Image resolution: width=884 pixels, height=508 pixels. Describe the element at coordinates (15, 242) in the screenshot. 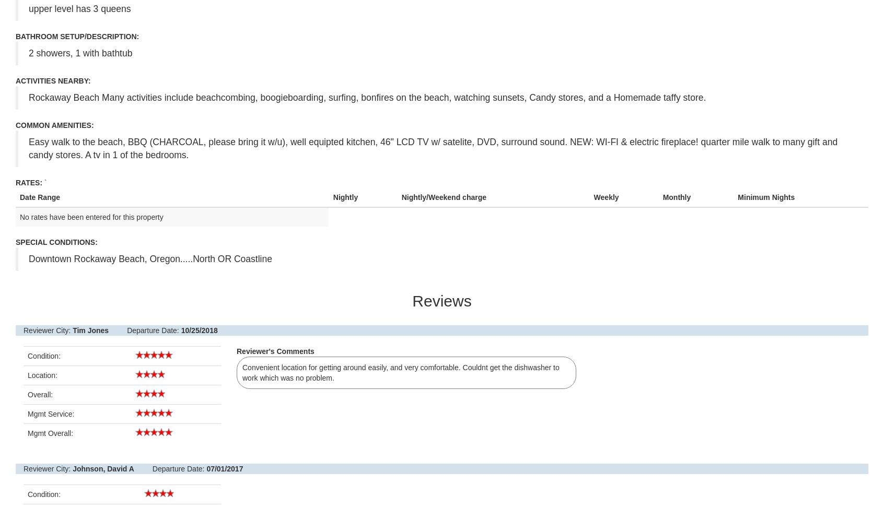

I see `'SPECIAL CONDITIONS:'` at that location.